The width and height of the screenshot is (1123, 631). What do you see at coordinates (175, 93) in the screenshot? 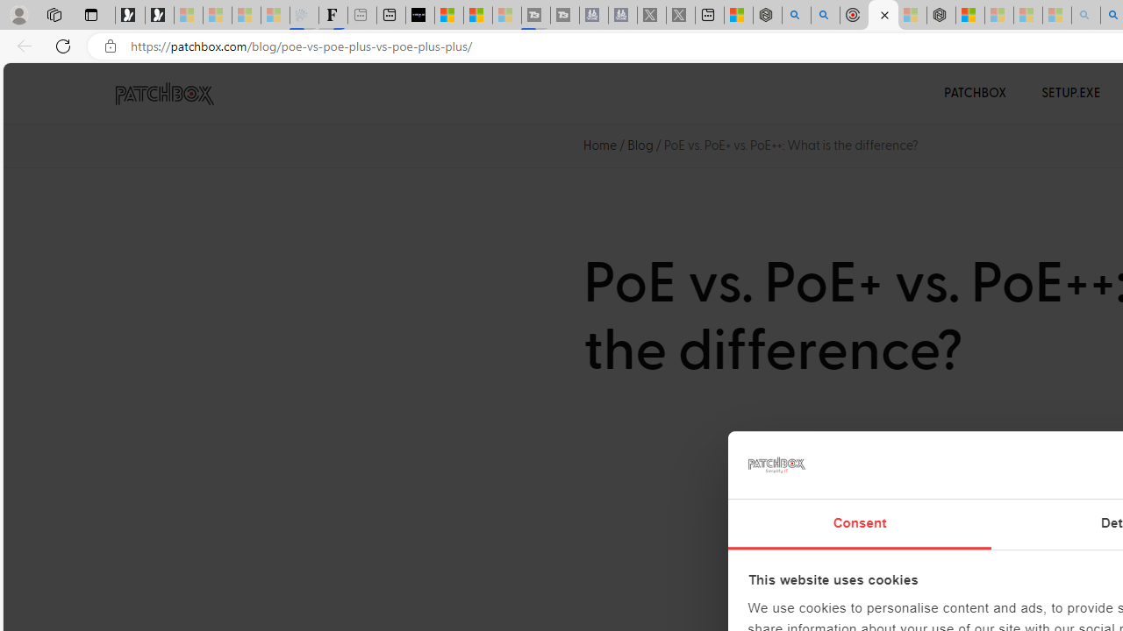
I see `'PATCHBOX Simplify IT'` at bounding box center [175, 93].